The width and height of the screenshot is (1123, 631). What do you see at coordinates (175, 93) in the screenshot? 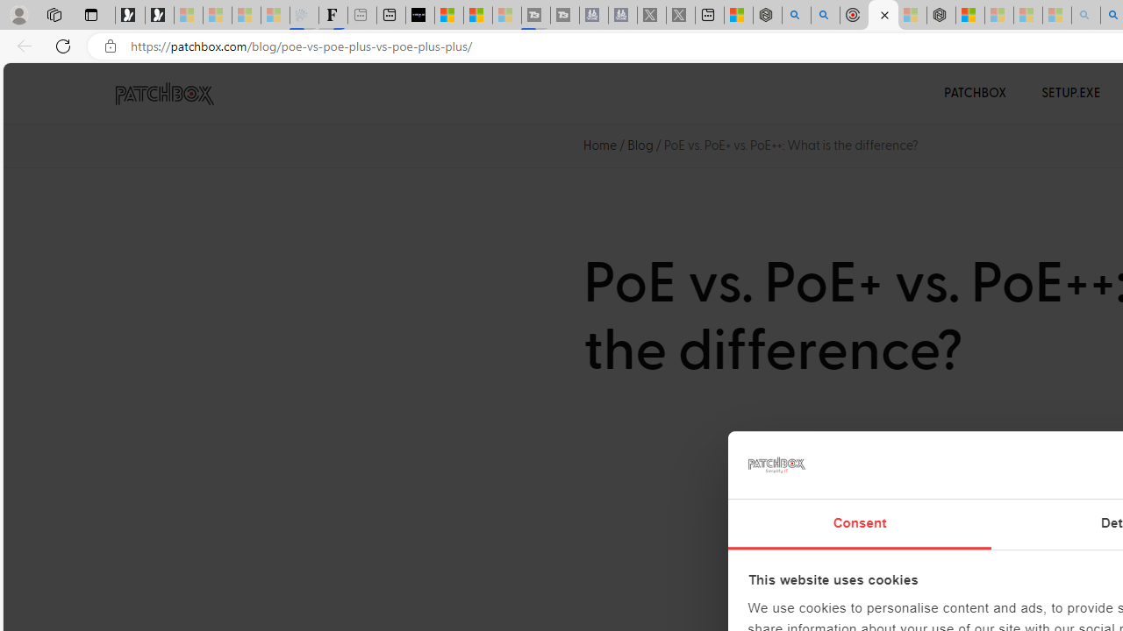
I see `'PATCHBOX Simplify IT'` at bounding box center [175, 93].